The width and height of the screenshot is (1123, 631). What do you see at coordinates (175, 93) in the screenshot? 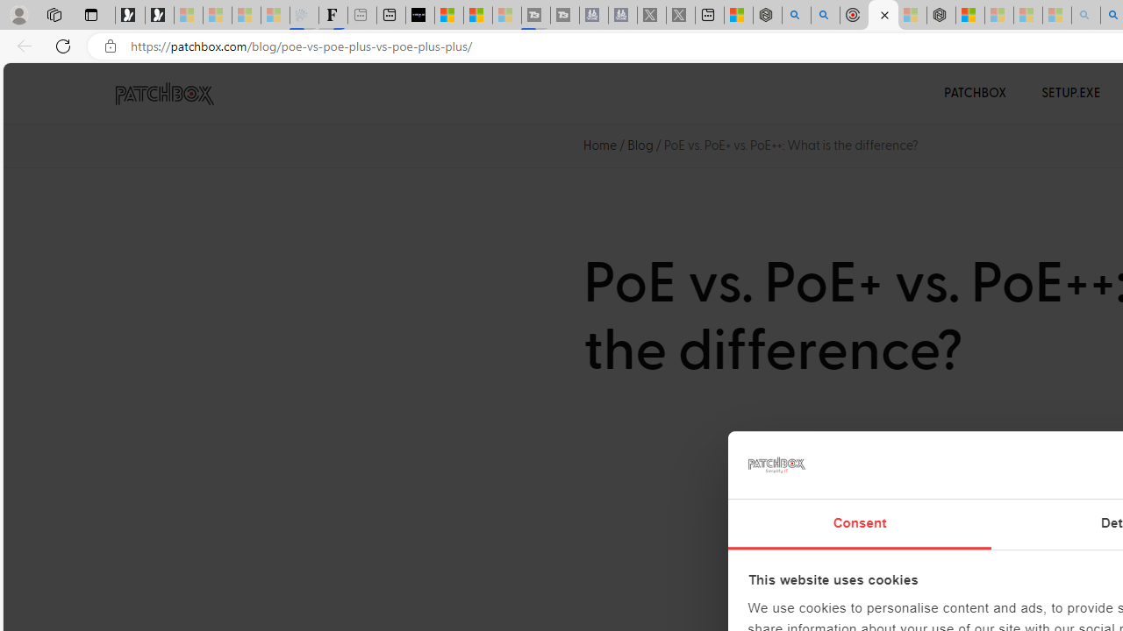
I see `'PATCHBOX Simplify IT'` at bounding box center [175, 93].